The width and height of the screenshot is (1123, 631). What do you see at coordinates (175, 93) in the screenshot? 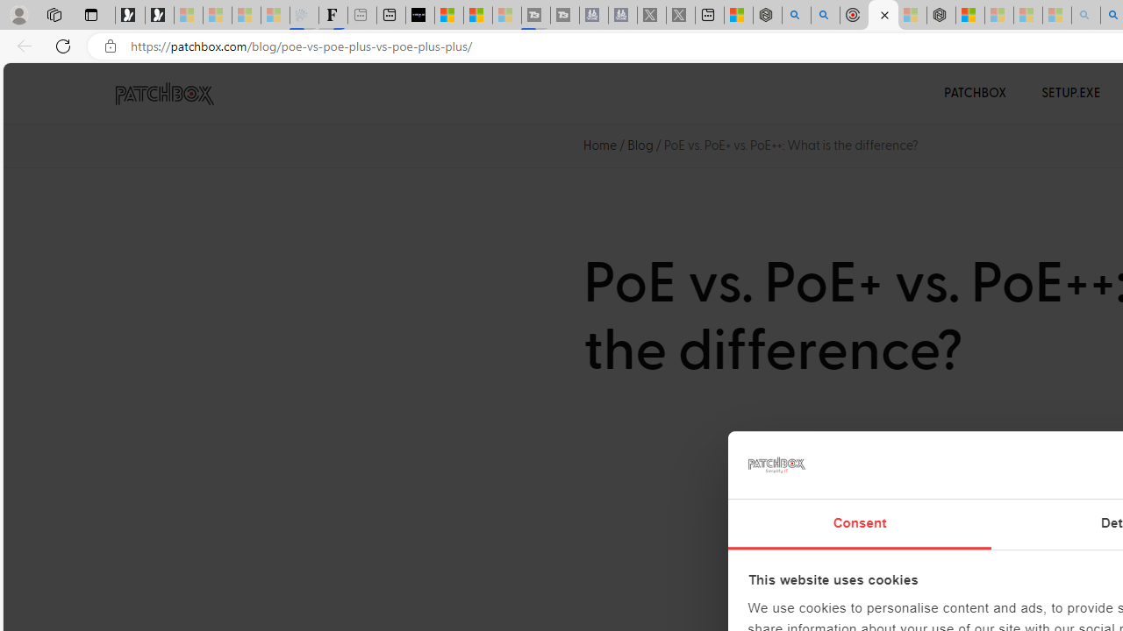
I see `'PATCHBOX Simplify IT'` at bounding box center [175, 93].